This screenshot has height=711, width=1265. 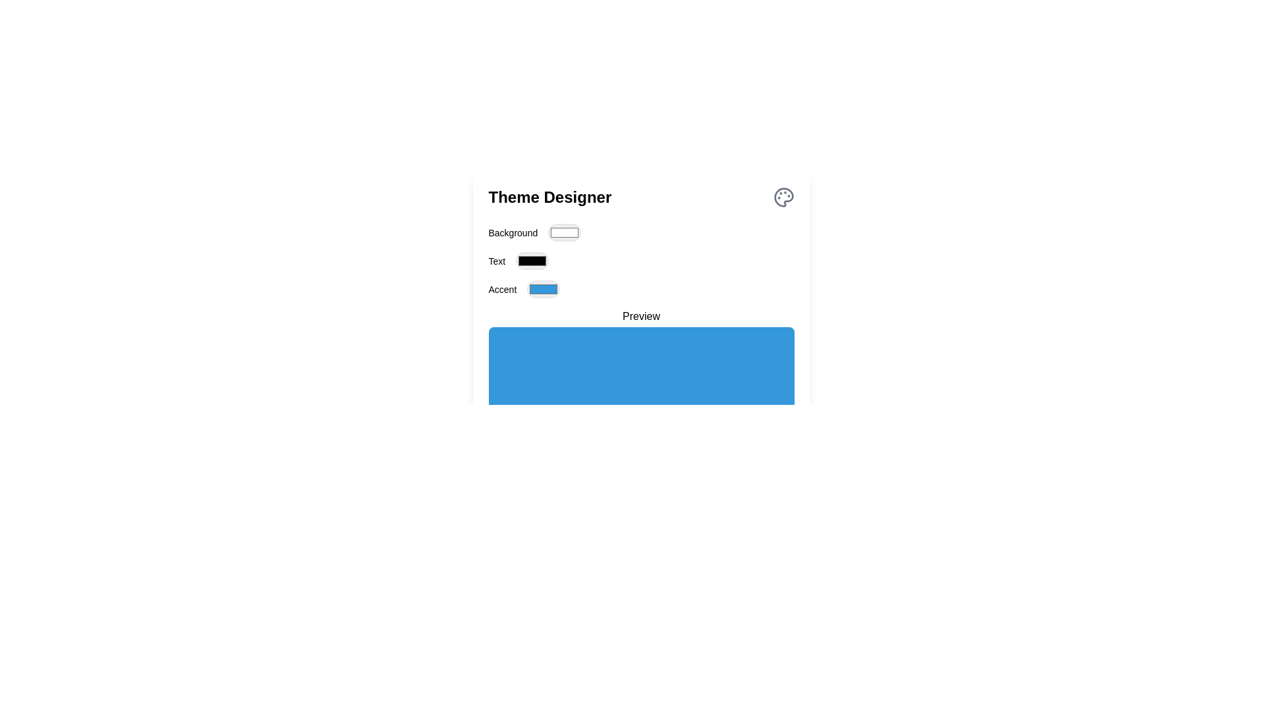 What do you see at coordinates (496, 261) in the screenshot?
I see `the text label that reads 'Text', which is styled with a small font size and medium weight, located to the left of a color selection box in the theme customization interface` at bounding box center [496, 261].